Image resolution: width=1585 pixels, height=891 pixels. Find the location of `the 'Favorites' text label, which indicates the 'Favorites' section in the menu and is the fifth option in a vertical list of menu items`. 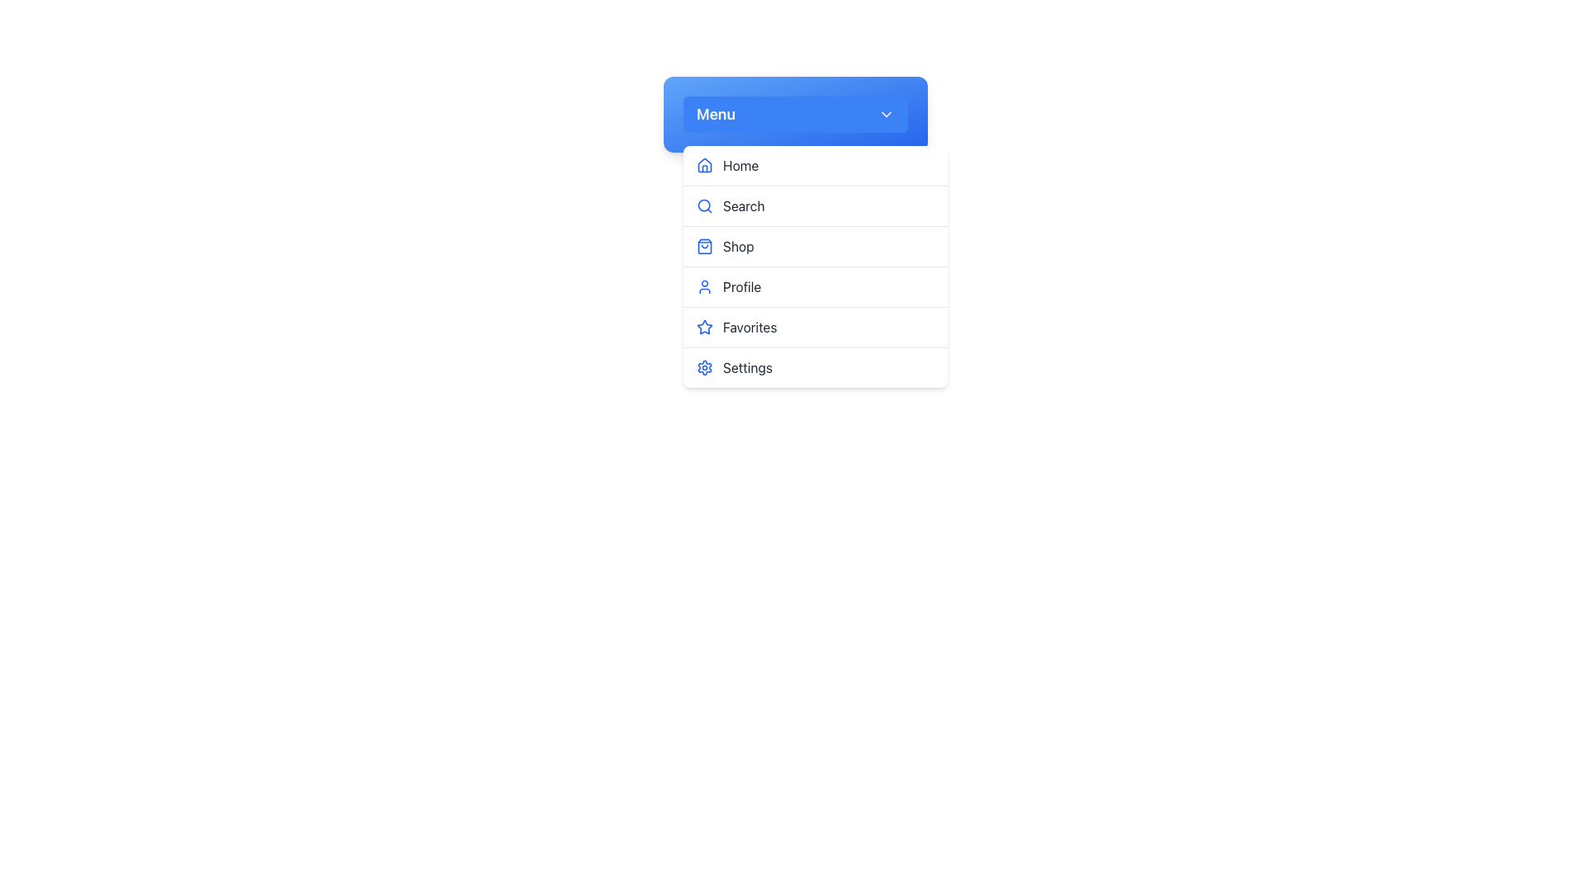

the 'Favorites' text label, which indicates the 'Favorites' section in the menu and is the fifth option in a vertical list of menu items is located at coordinates (749, 328).